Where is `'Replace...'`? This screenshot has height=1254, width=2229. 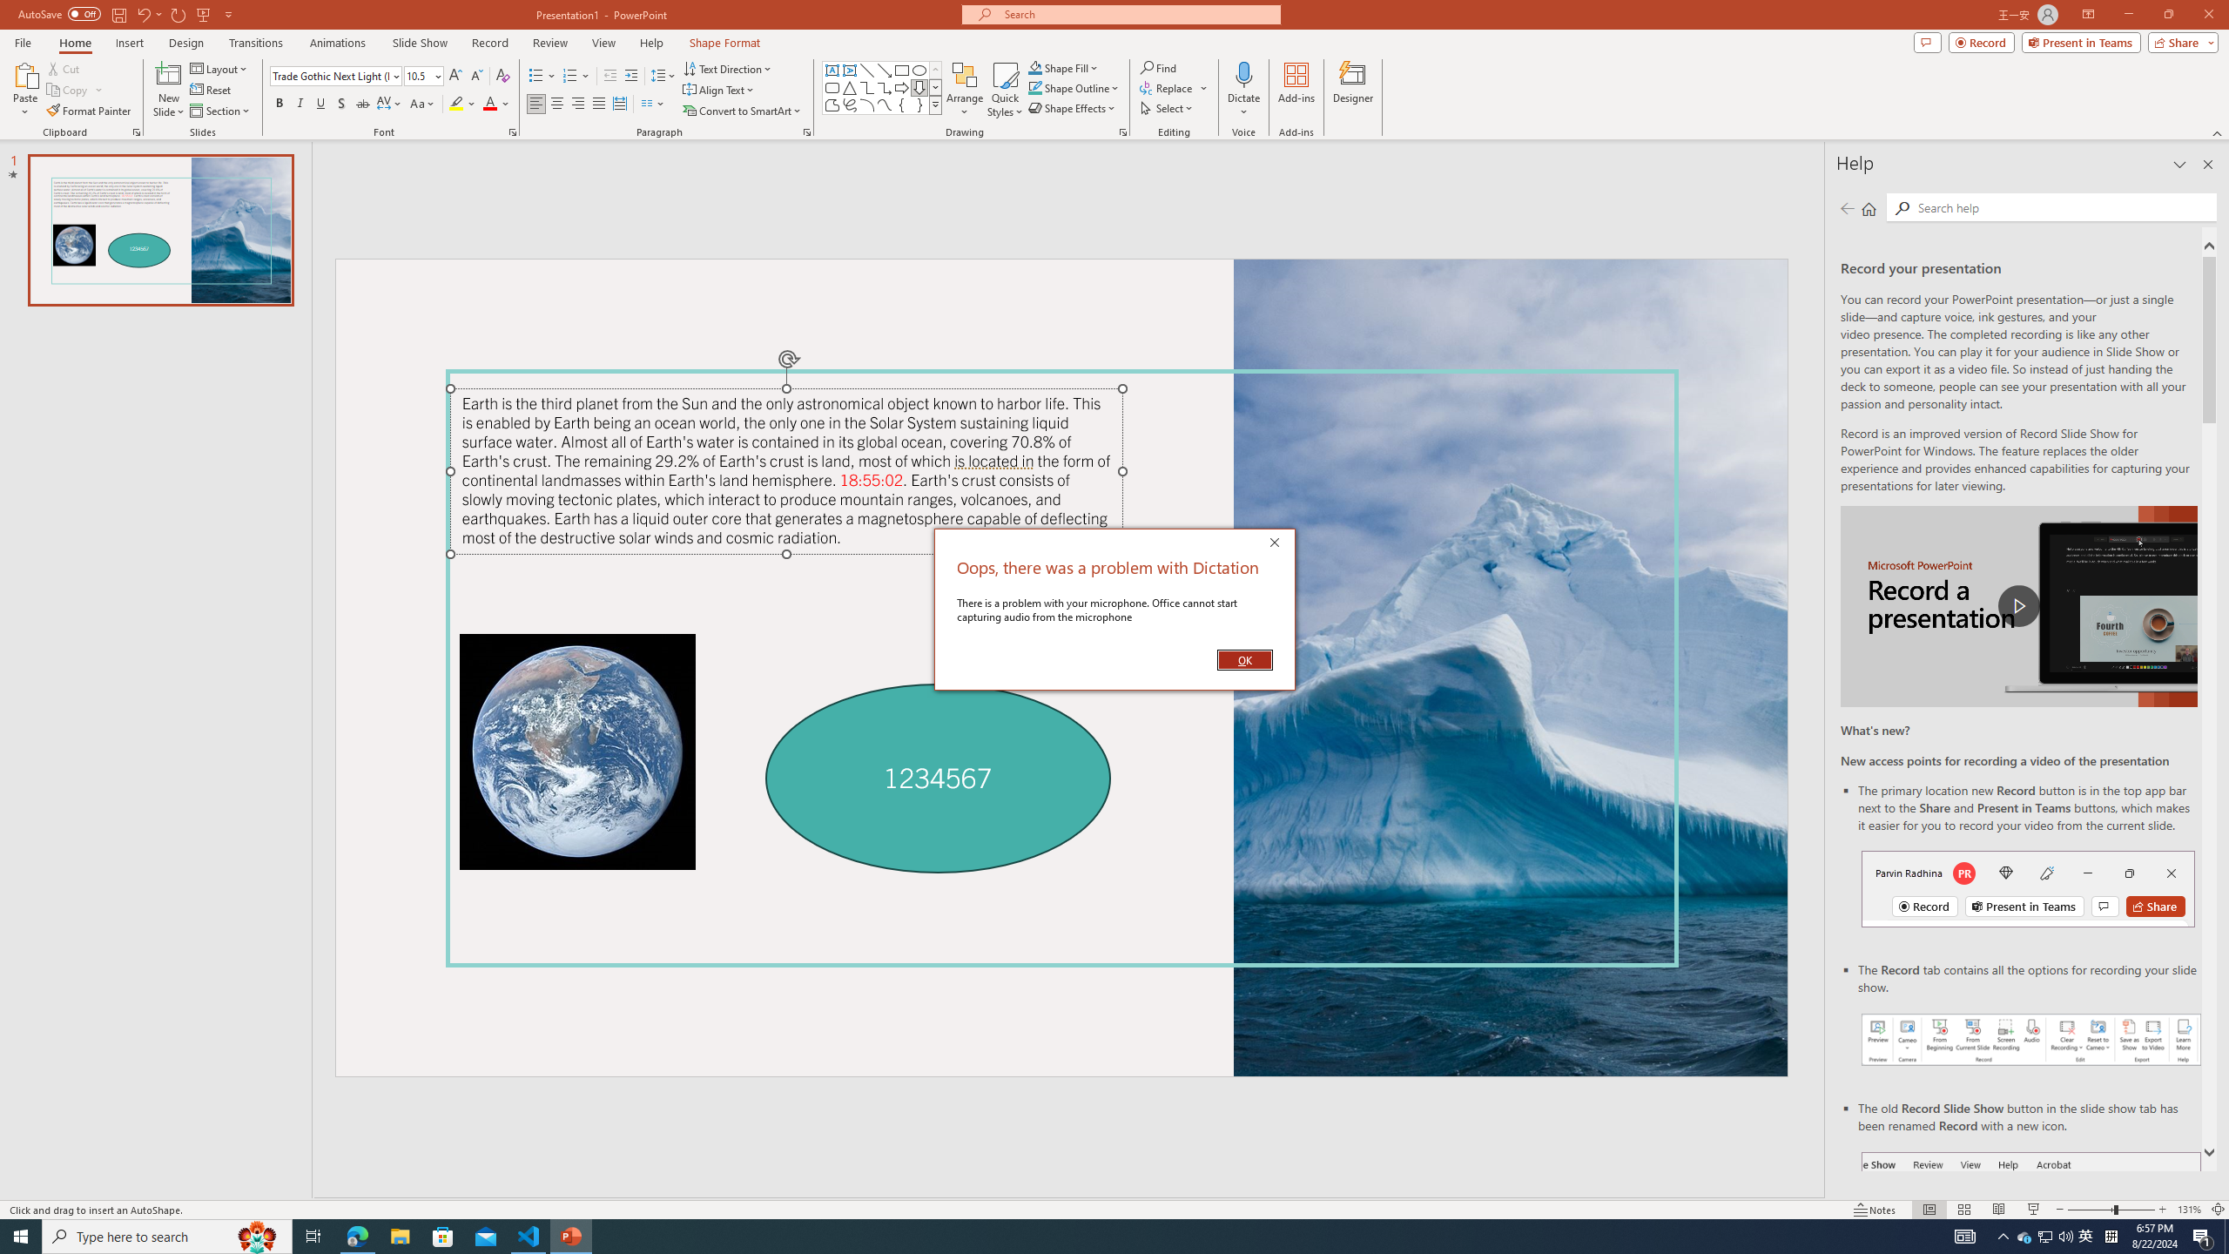 'Replace...' is located at coordinates (1168, 86).